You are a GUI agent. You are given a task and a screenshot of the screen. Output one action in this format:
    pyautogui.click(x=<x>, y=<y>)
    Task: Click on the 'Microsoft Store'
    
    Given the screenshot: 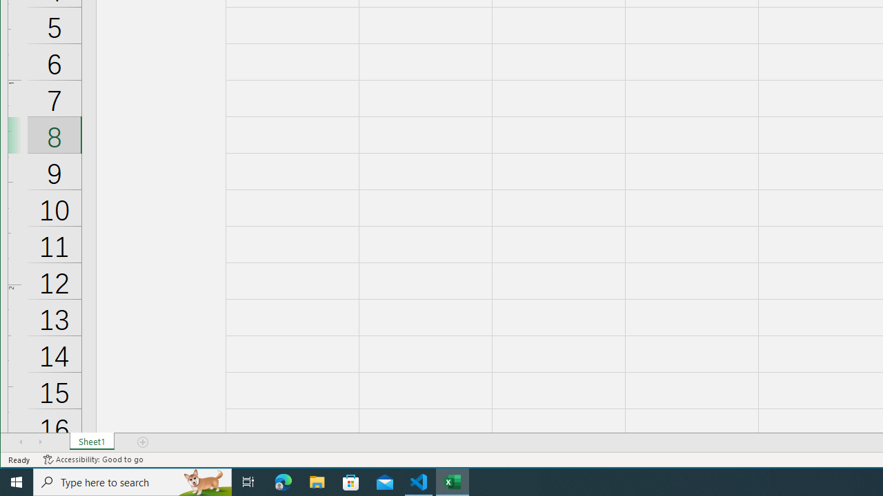 What is the action you would take?
    pyautogui.click(x=351, y=481)
    